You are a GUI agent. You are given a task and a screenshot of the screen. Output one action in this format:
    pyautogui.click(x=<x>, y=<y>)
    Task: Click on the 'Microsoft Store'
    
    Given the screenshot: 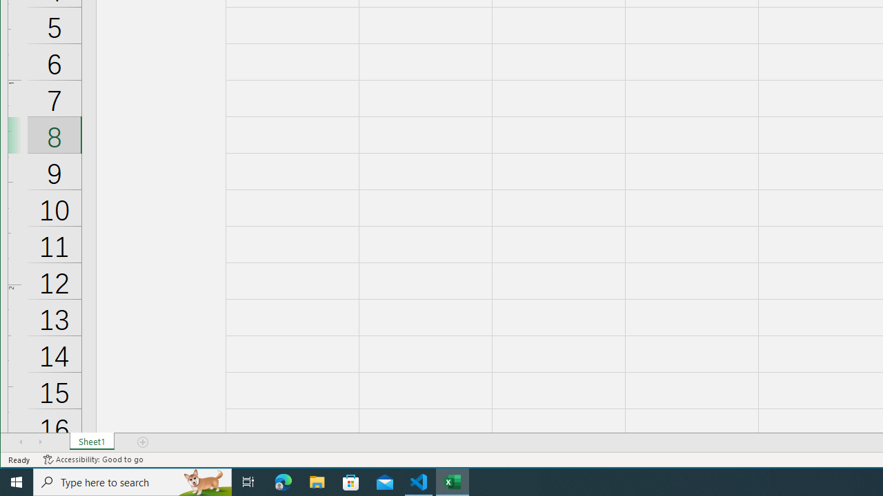 What is the action you would take?
    pyautogui.click(x=351, y=481)
    